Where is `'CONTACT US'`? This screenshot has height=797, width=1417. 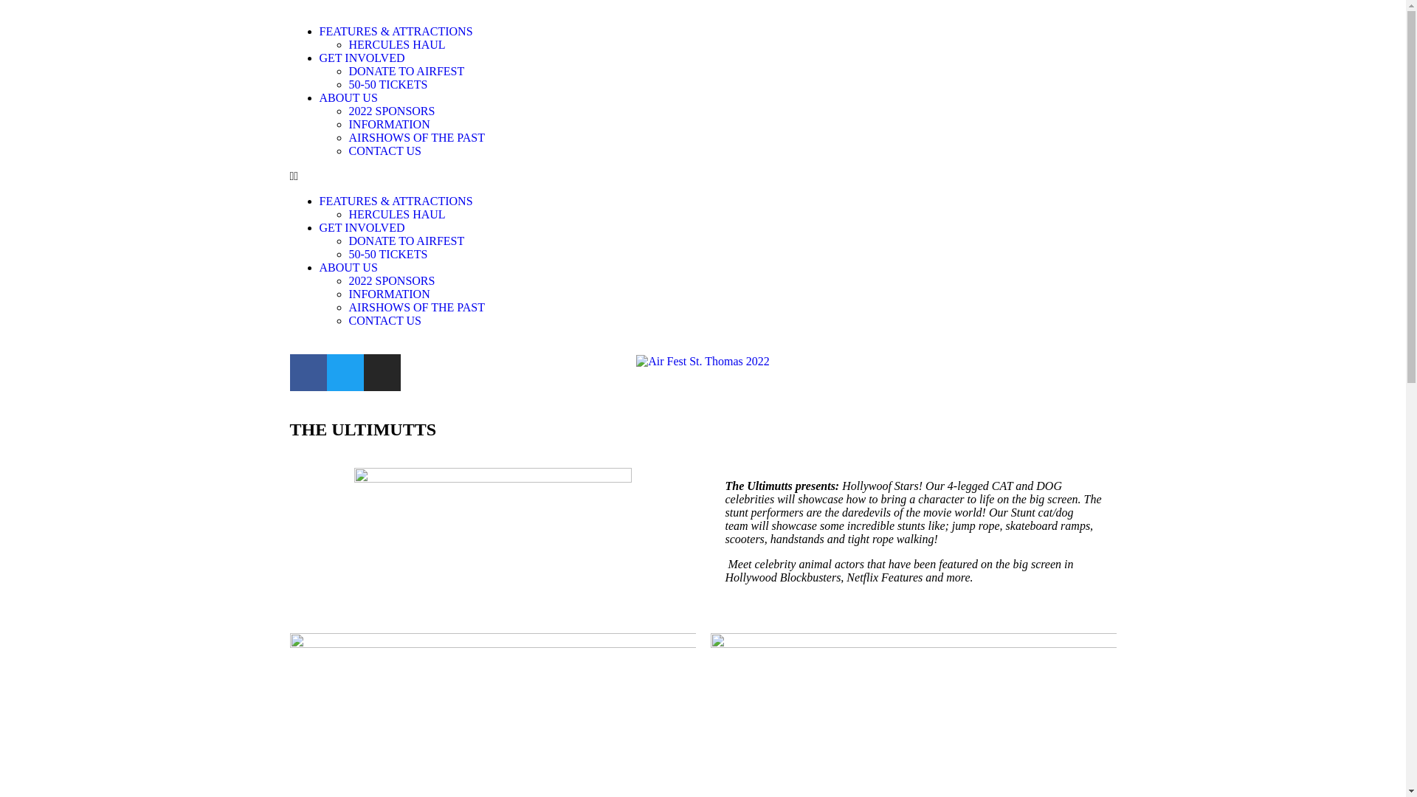 'CONTACT US' is located at coordinates (385, 320).